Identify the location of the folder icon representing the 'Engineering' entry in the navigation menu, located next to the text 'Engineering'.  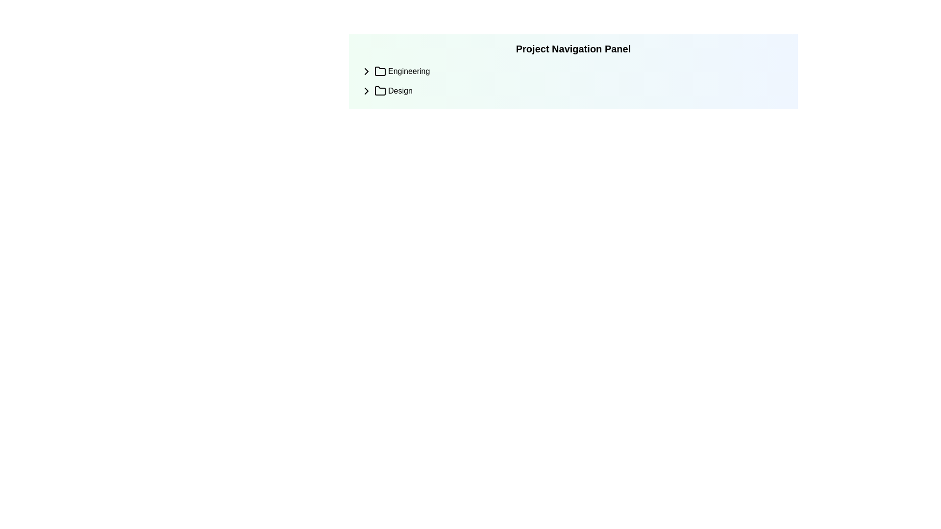
(380, 71).